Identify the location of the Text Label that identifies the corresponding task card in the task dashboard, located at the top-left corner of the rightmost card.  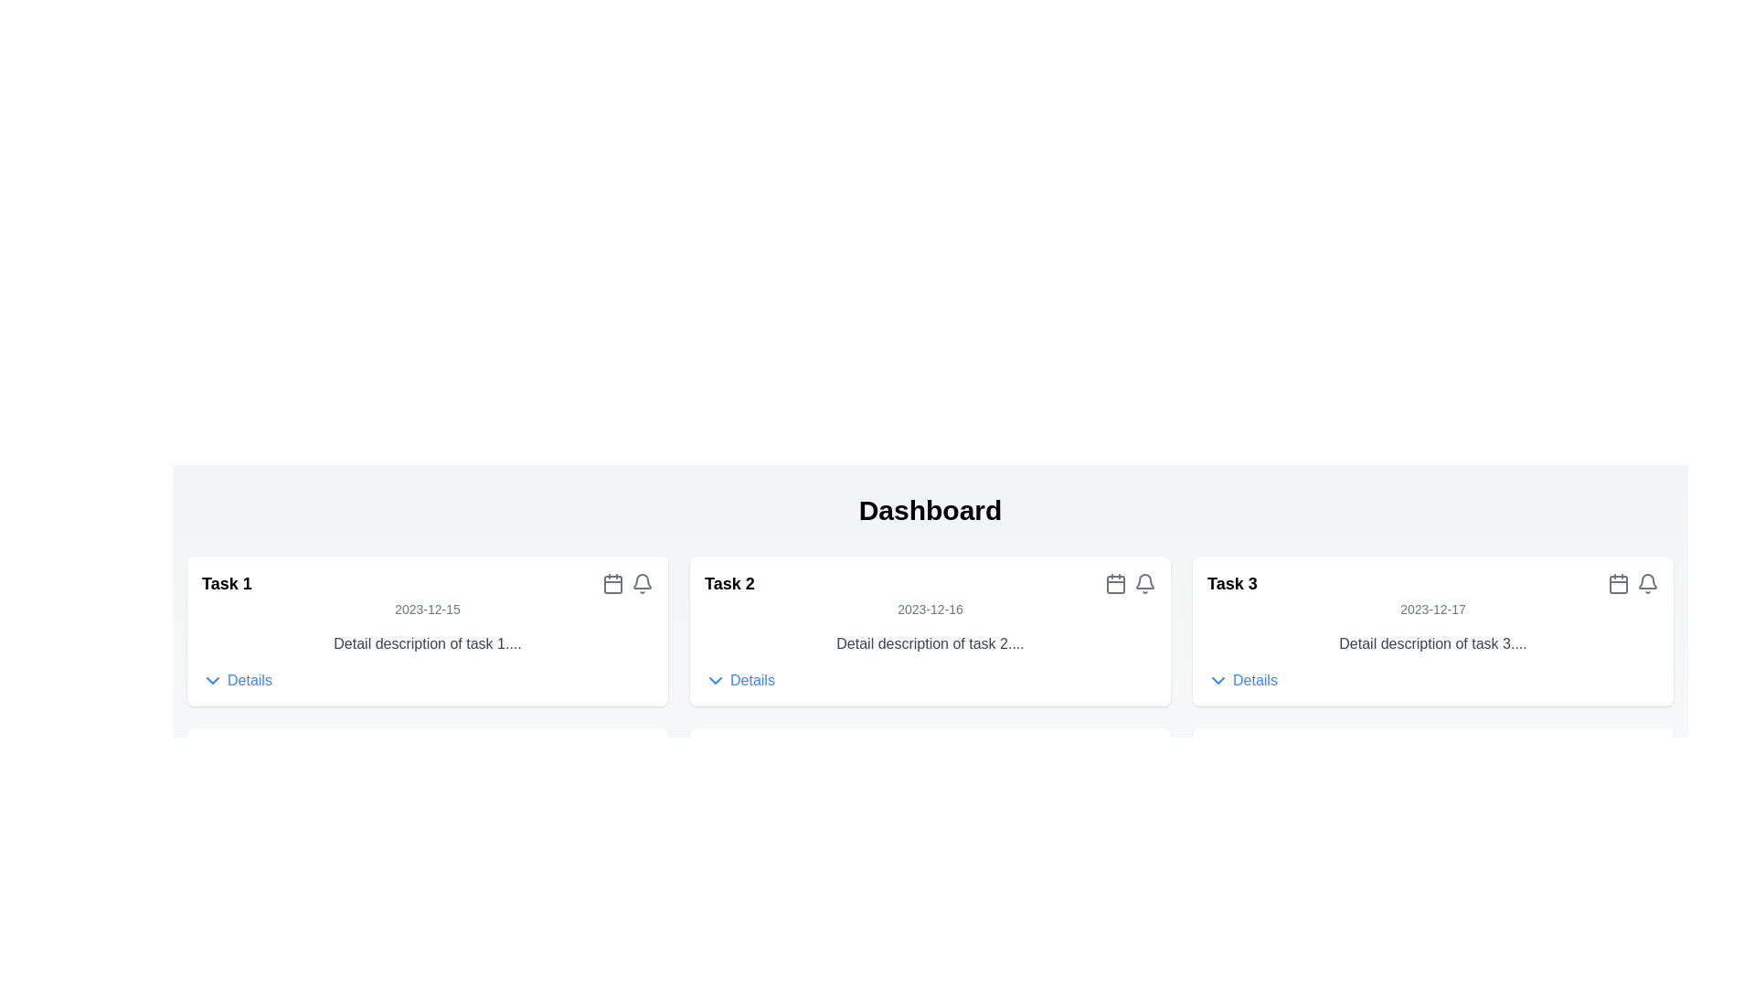
(1232, 584).